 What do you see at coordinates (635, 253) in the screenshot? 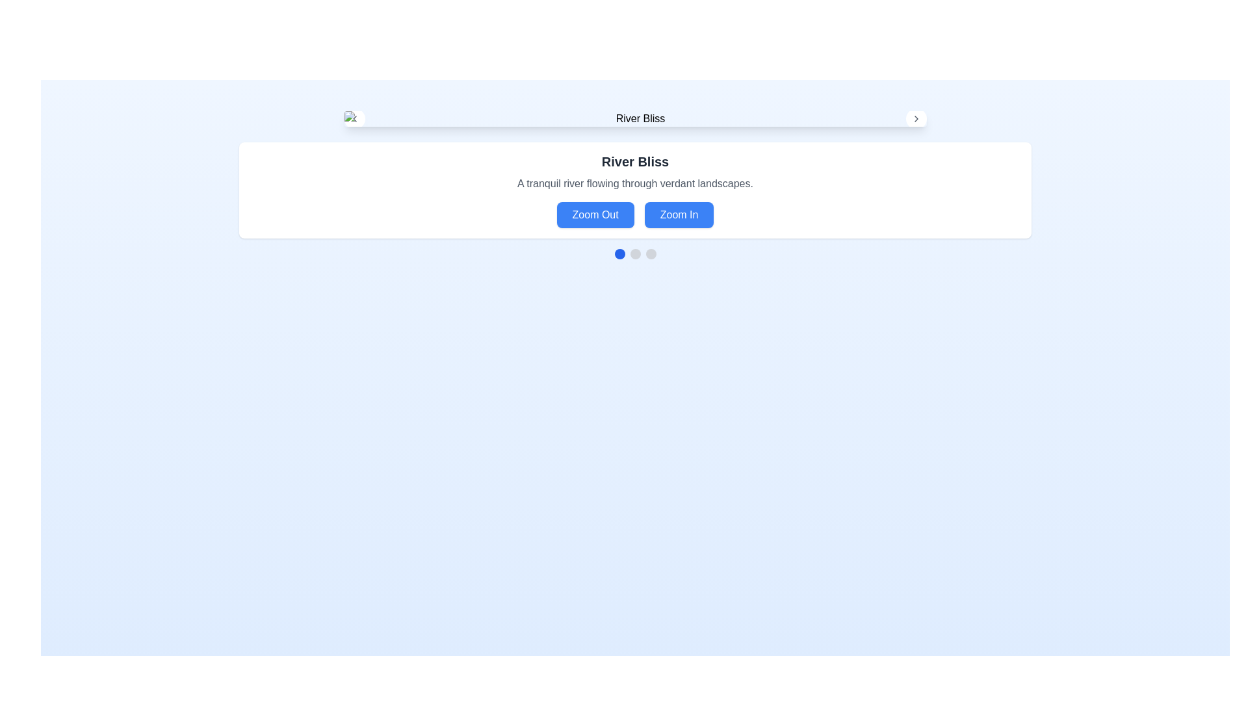
I see `the second circular pagination dot styled as a gray dot` at bounding box center [635, 253].